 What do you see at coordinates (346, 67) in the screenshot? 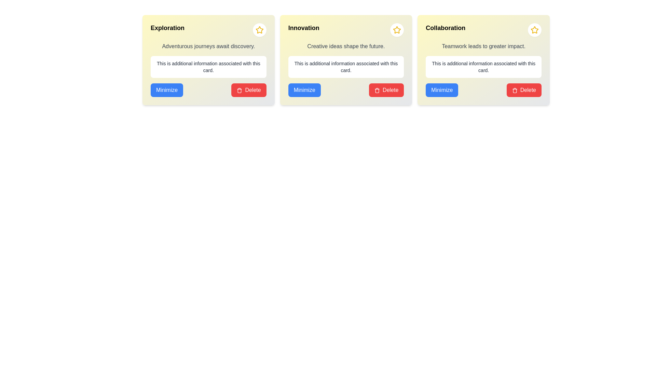
I see `text from the Text Content Block that contains 'This is additional information associated with this card.' within the 'Innovation' card` at bounding box center [346, 67].